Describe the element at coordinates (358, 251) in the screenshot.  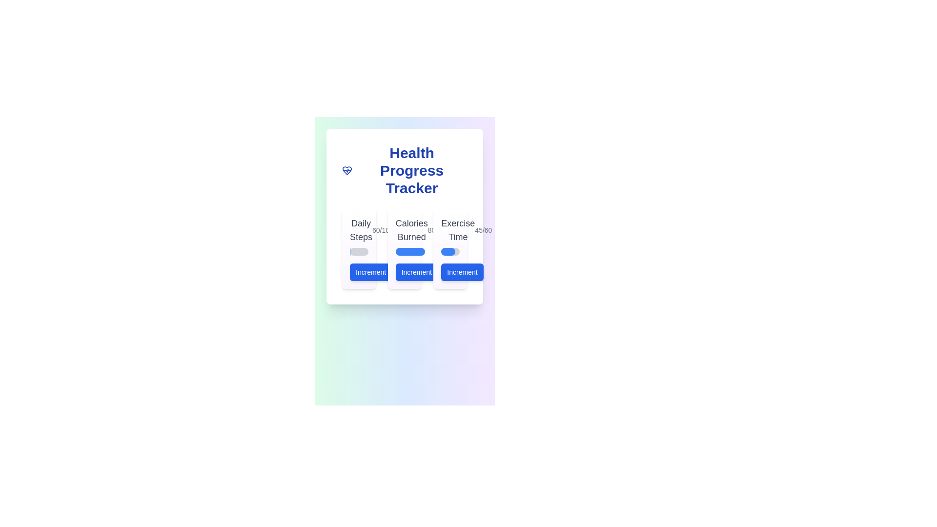
I see `the progress bar that visually represents the progress towards a daily step goal, positioned below the text 'Daily Steps' and above the 'Increment' button` at that location.